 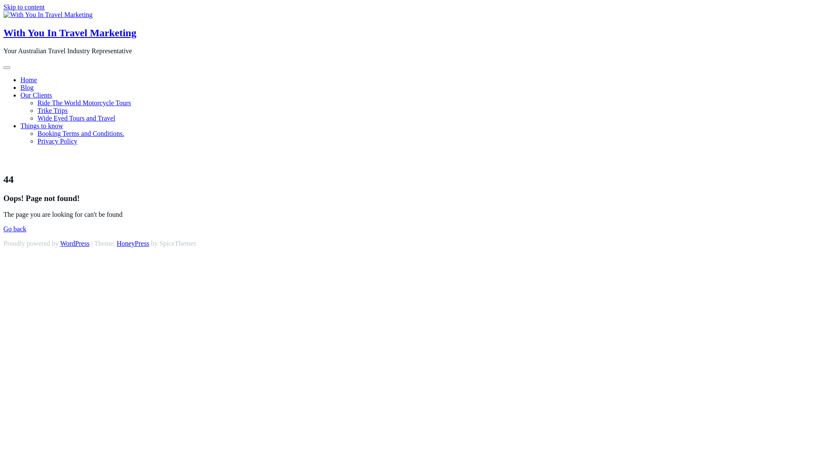 What do you see at coordinates (69, 32) in the screenshot?
I see `'With You In Travel Marketing'` at bounding box center [69, 32].